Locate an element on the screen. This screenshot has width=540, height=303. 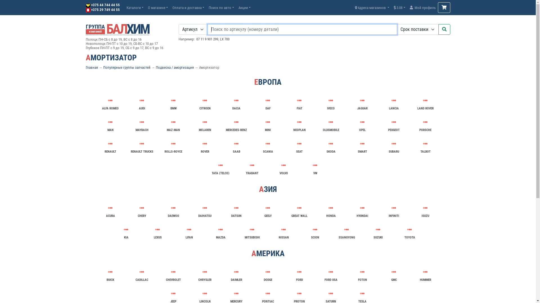
'PEUGEOT' is located at coordinates (393, 124).